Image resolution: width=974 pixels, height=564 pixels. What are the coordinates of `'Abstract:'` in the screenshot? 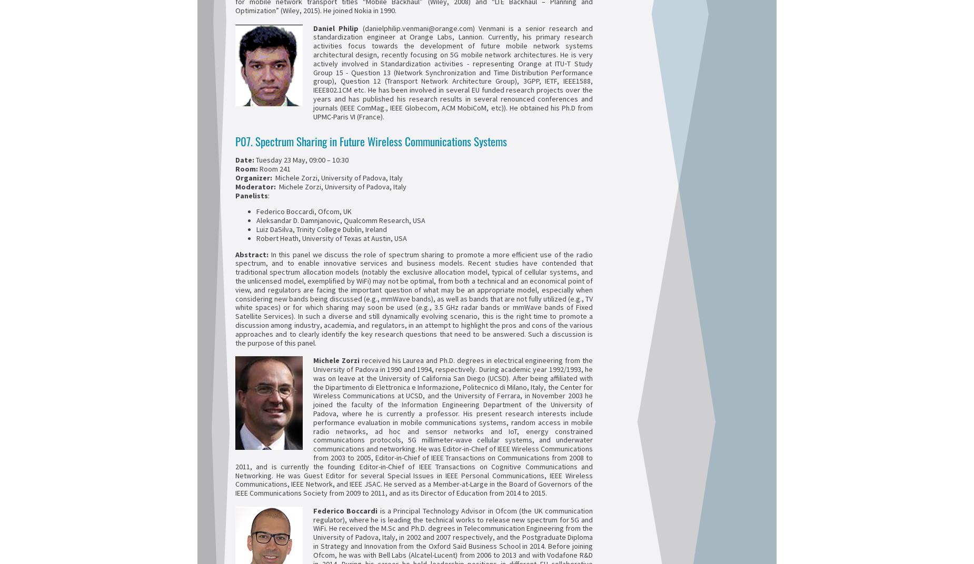 It's located at (252, 254).